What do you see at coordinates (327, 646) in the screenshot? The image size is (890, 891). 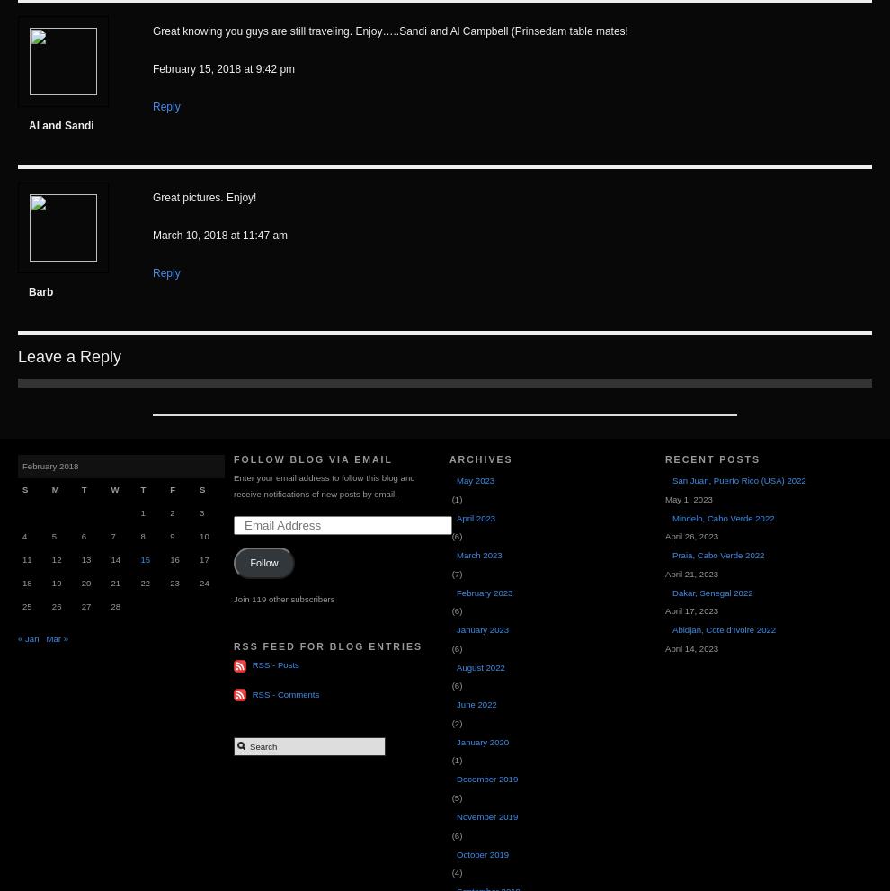 I see `'RSS FEED FOR BLOG ENTRIES'` at bounding box center [327, 646].